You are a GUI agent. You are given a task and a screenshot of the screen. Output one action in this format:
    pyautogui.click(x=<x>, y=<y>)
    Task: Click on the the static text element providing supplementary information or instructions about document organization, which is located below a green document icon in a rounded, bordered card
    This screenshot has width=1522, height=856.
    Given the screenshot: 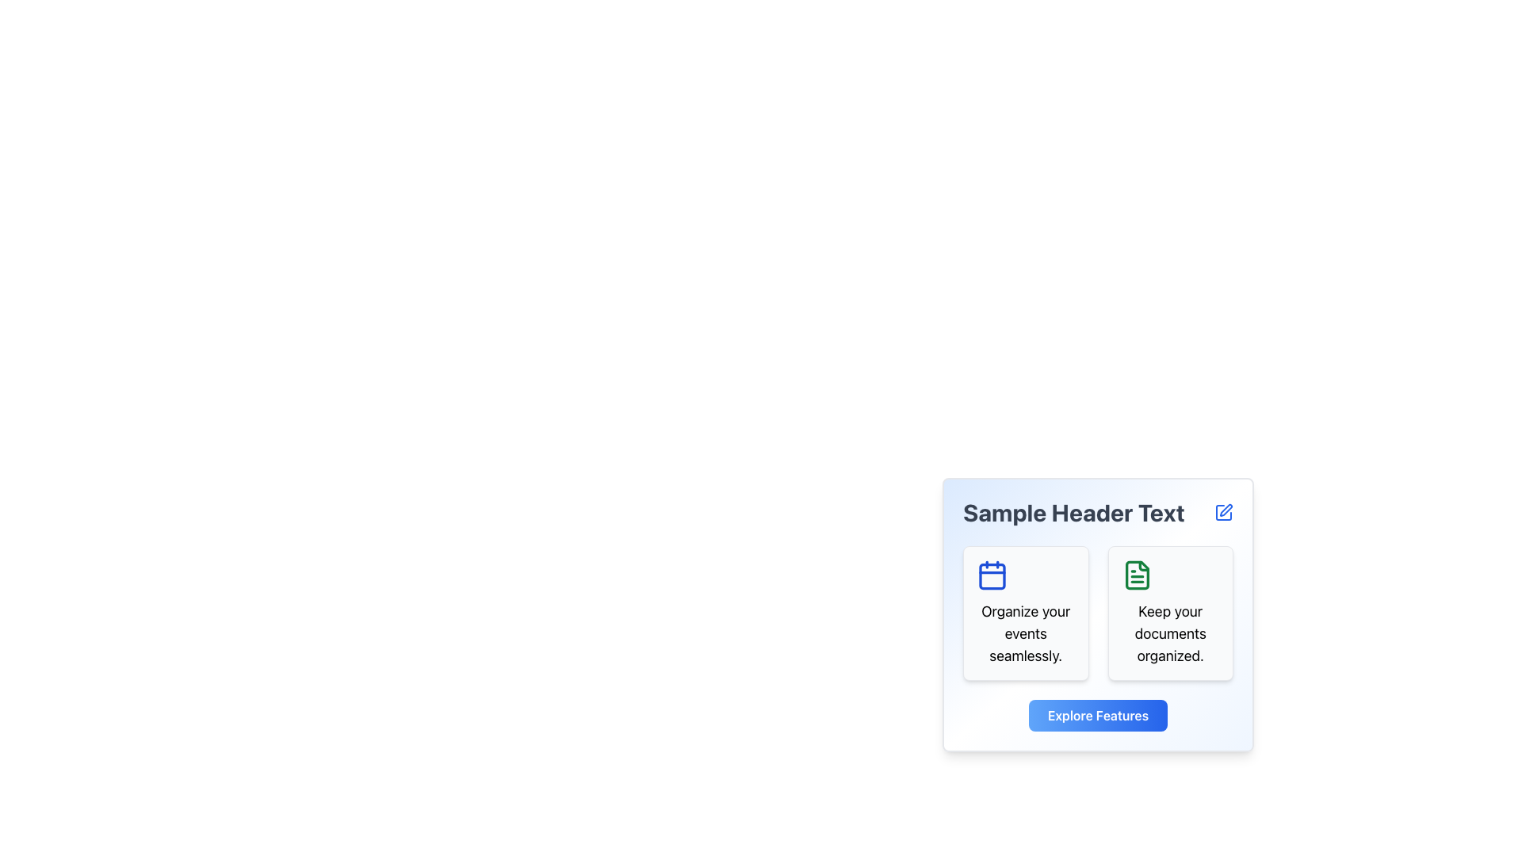 What is the action you would take?
    pyautogui.click(x=1170, y=632)
    